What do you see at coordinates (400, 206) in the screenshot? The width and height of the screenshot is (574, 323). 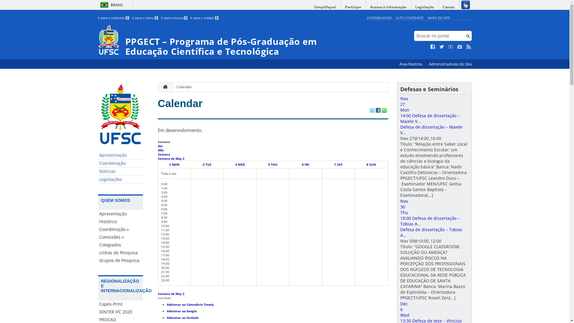 I see `'Nov` at bounding box center [400, 206].